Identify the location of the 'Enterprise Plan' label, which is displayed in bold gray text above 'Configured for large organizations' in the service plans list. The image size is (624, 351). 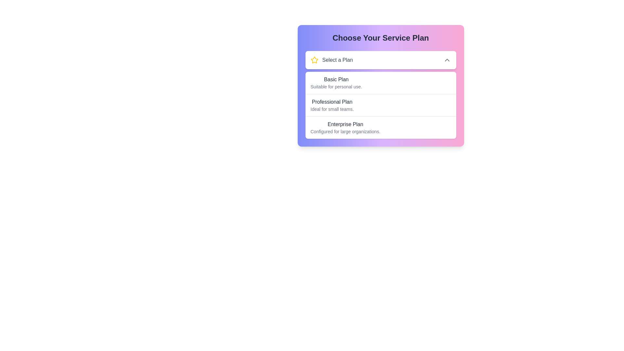
(345, 124).